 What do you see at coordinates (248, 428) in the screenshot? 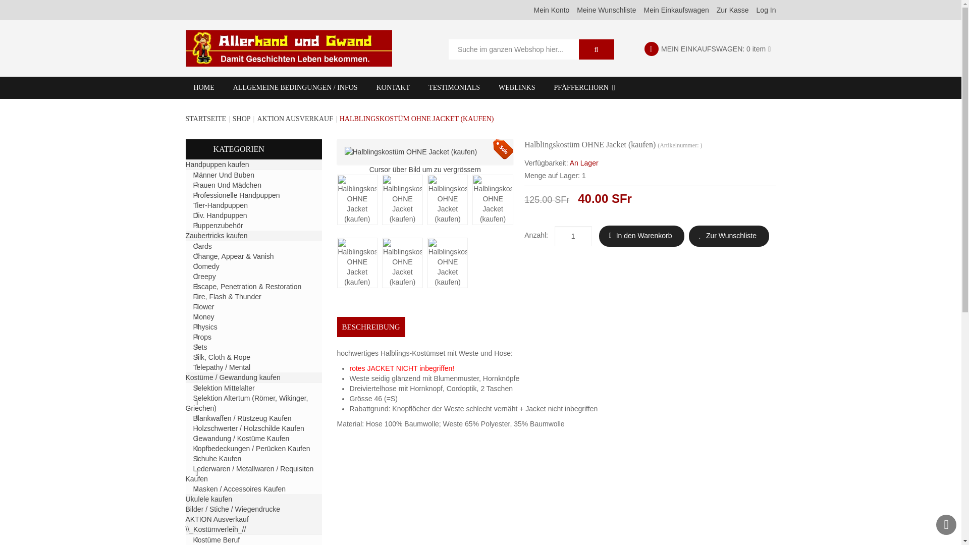
I see `'Holzschwerter / Holzschilde Kaufen'` at bounding box center [248, 428].